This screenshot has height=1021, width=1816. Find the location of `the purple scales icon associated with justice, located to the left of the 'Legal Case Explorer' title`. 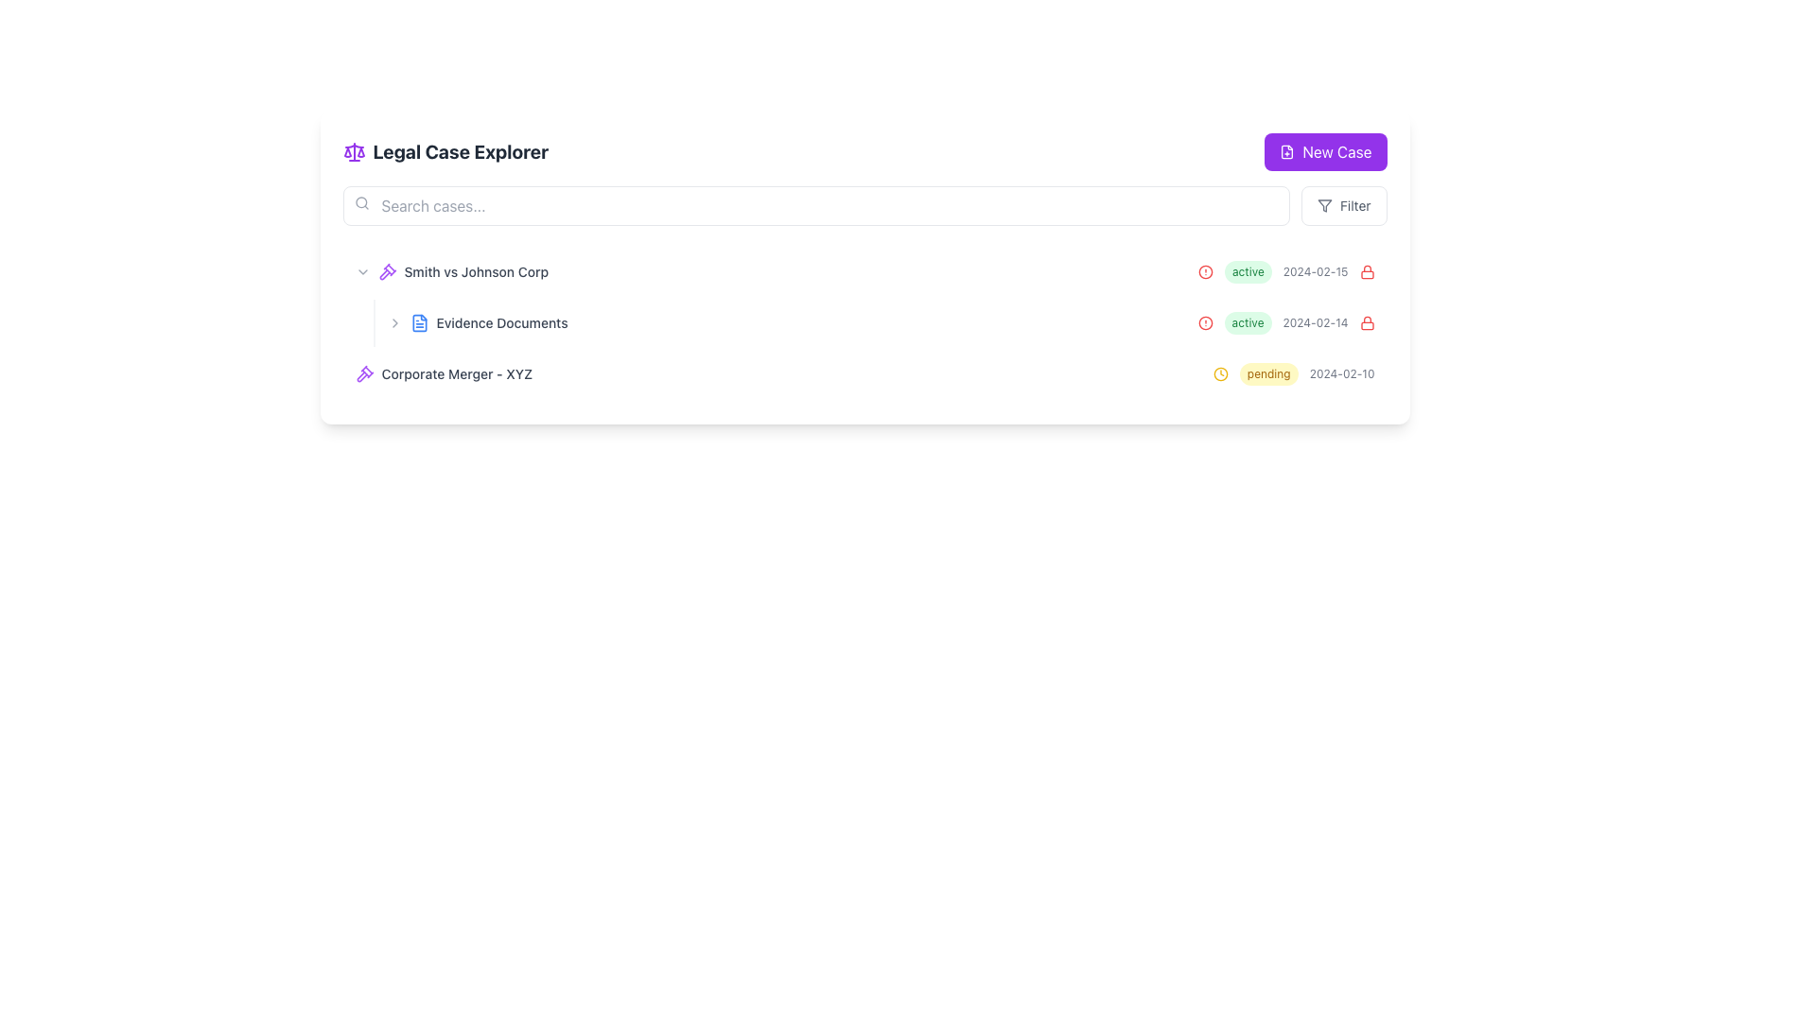

the purple scales icon associated with justice, located to the left of the 'Legal Case Explorer' title is located at coordinates (354, 151).